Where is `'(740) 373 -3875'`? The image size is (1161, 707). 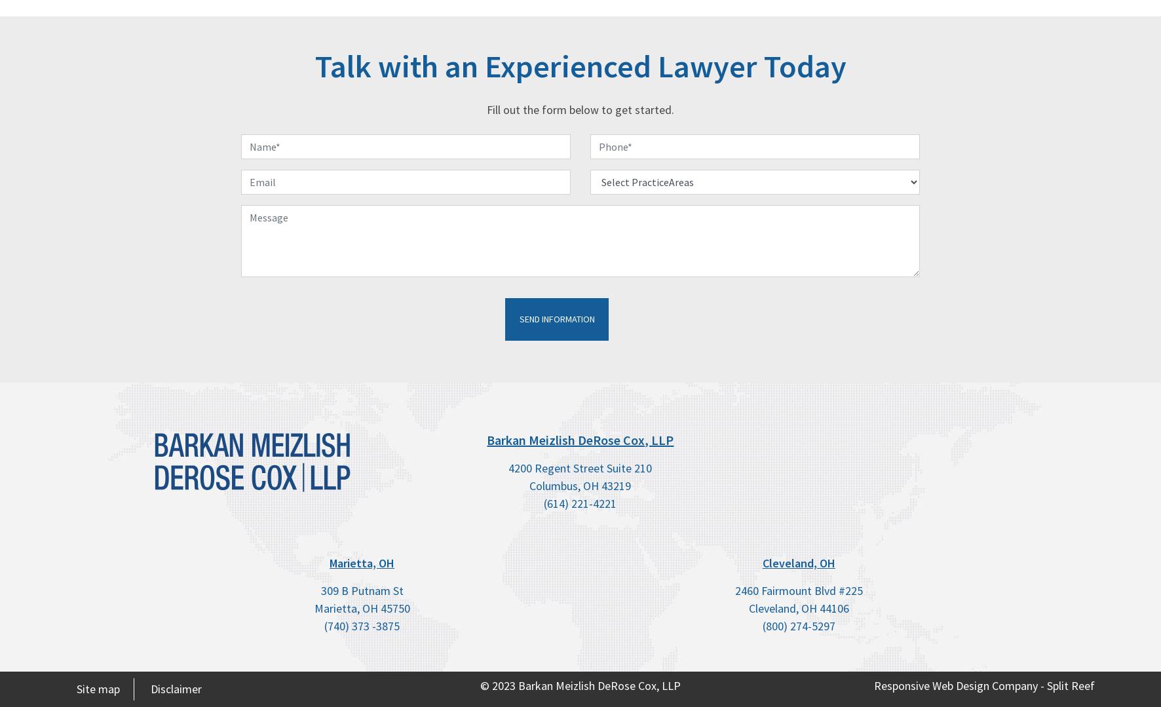
'(740) 373 -3875' is located at coordinates (361, 625).